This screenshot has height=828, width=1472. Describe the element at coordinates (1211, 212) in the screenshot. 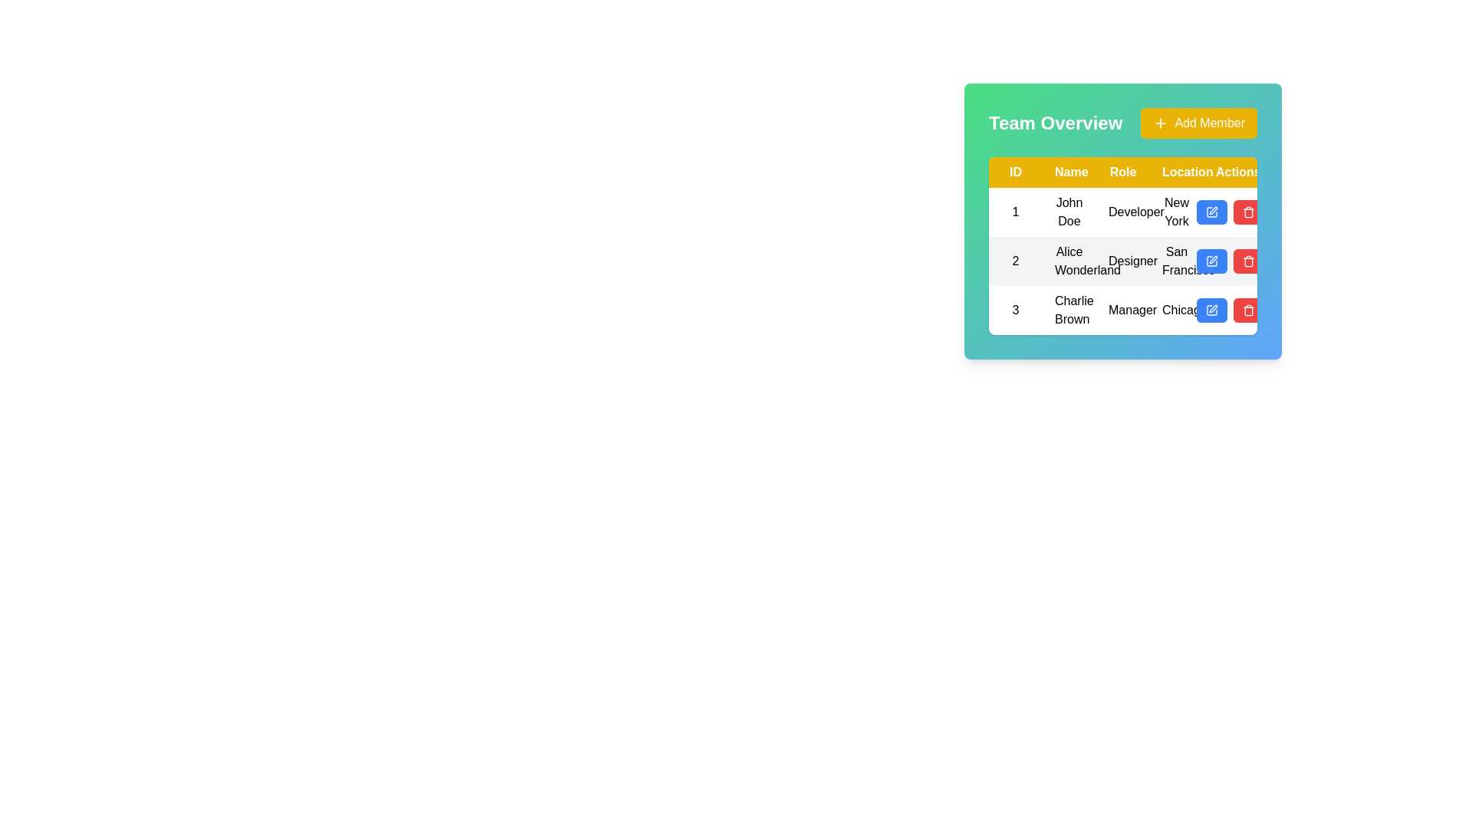

I see `the blue rectangular button with a pen icon located in the first row of the 'Actions' column within the 'Team Overview' card` at that location.